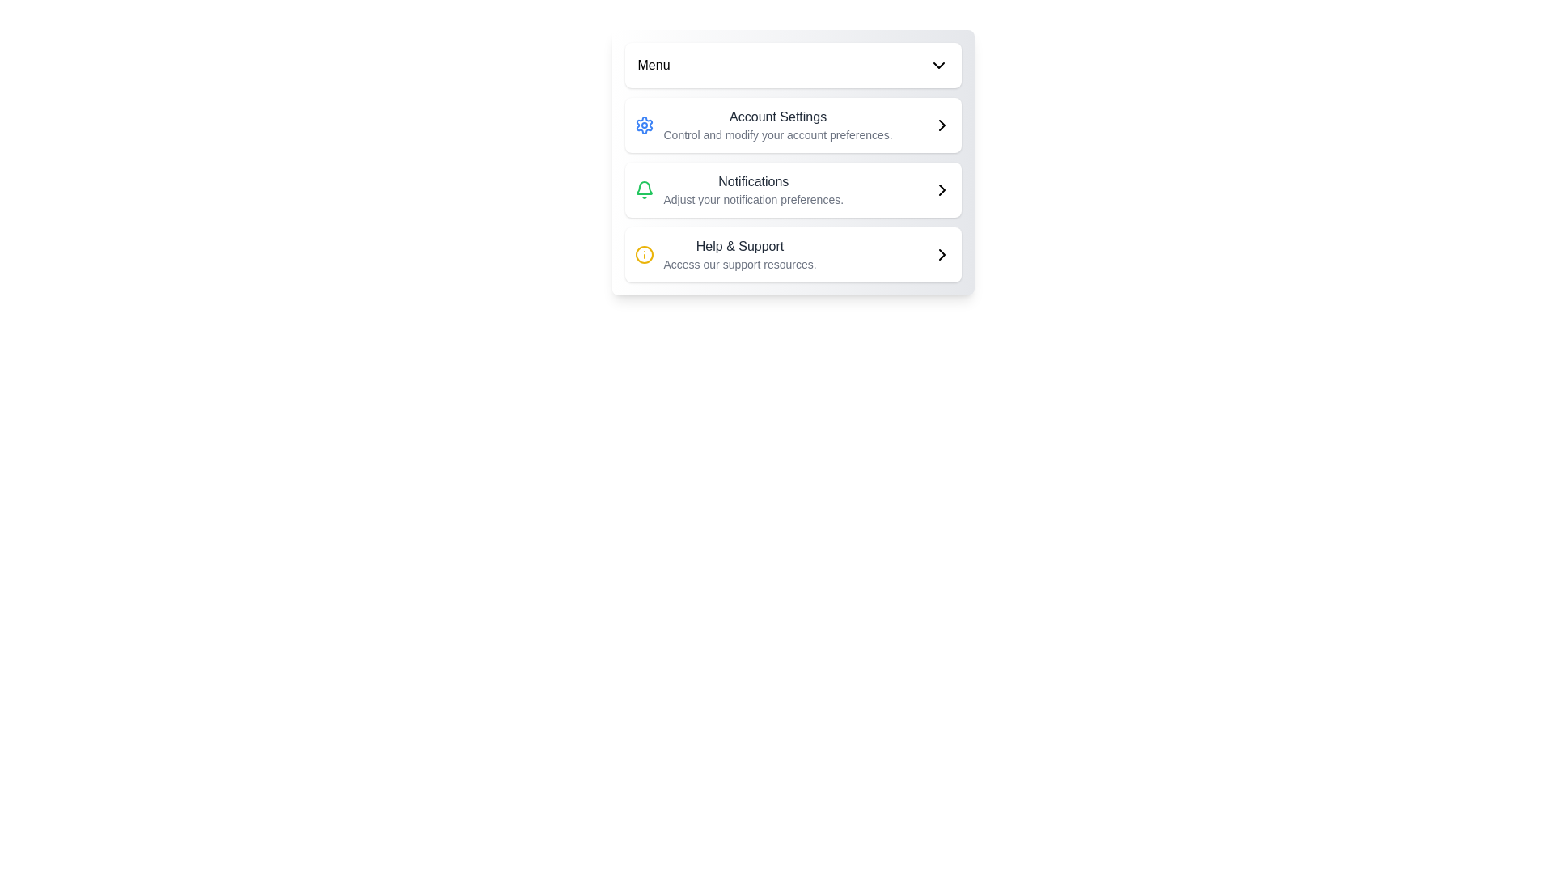 This screenshot has height=874, width=1553. Describe the element at coordinates (752, 189) in the screenshot. I see `details provided by the notification settings text description, which is the second item in the vertical list below 'Account Settings' and above 'Help & Support', centered horizontally with a bell icon on its left` at that location.